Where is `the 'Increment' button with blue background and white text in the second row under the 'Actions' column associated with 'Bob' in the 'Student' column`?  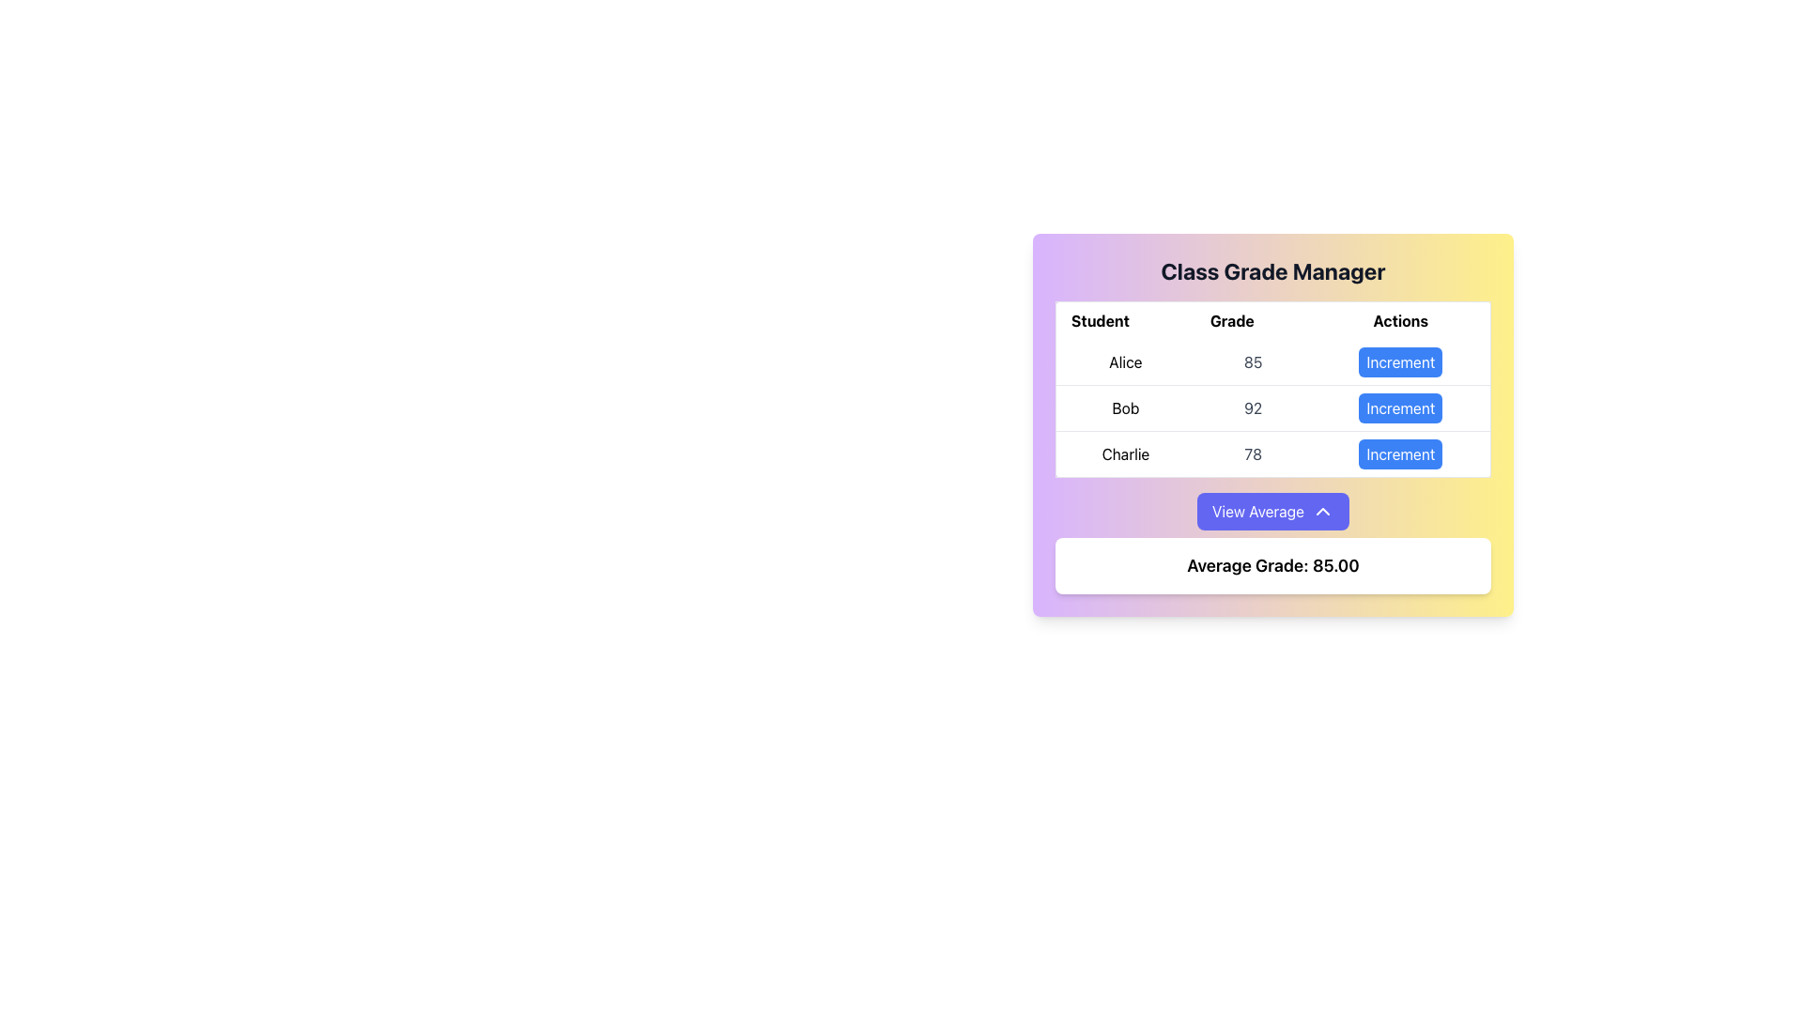 the 'Increment' button with blue background and white text in the second row under the 'Actions' column associated with 'Bob' in the 'Student' column is located at coordinates (1400, 407).